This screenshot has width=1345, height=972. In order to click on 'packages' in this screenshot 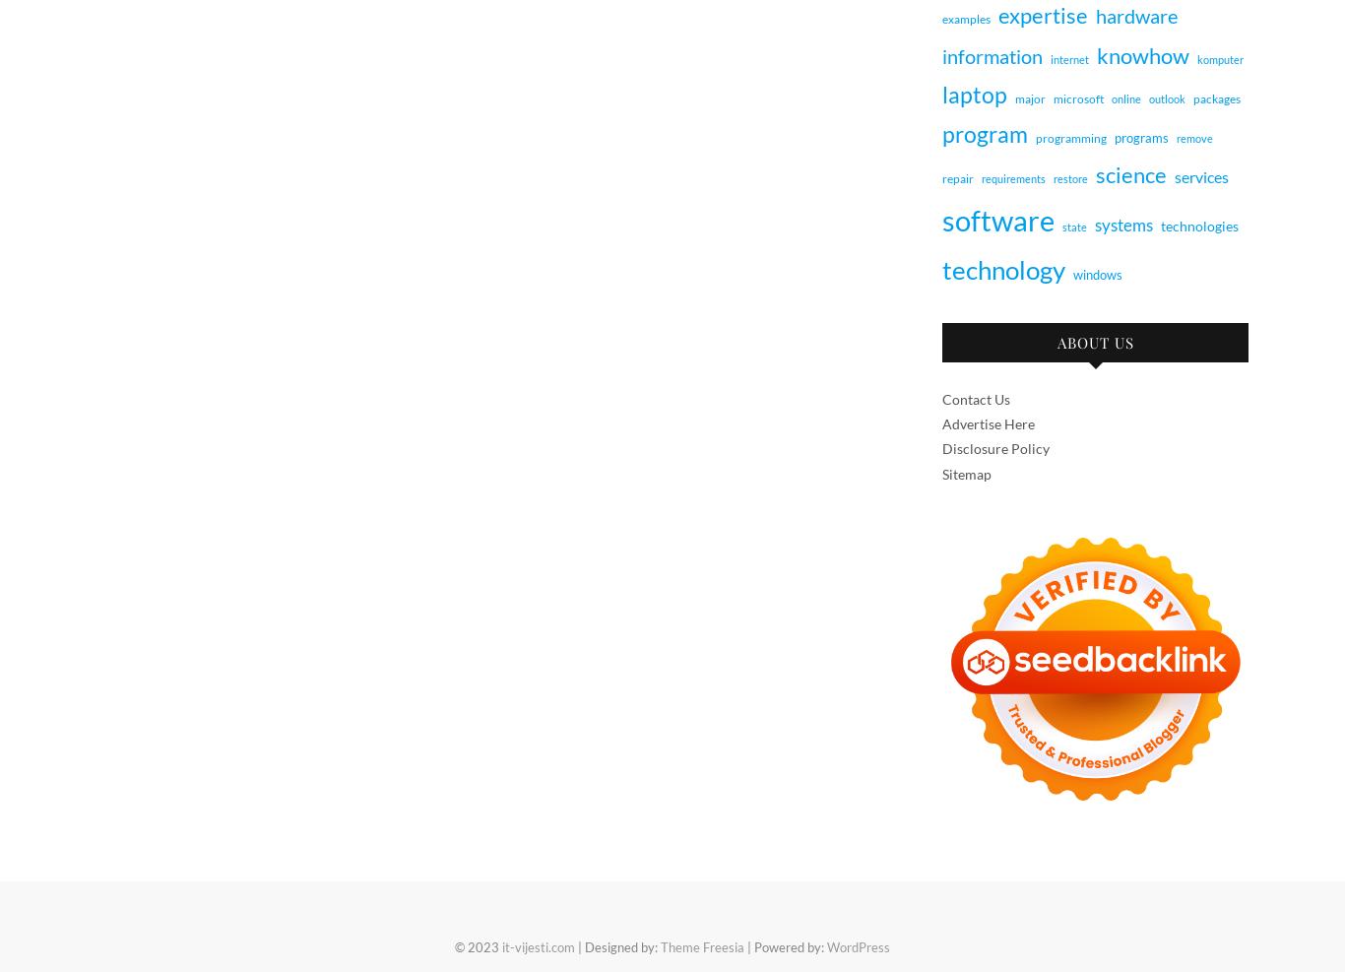, I will do `click(1216, 97)`.